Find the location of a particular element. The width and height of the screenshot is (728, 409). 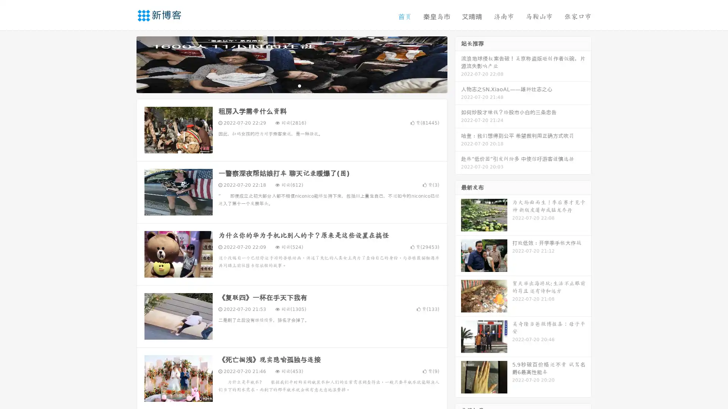

Go to slide 3 is located at coordinates (299, 85).